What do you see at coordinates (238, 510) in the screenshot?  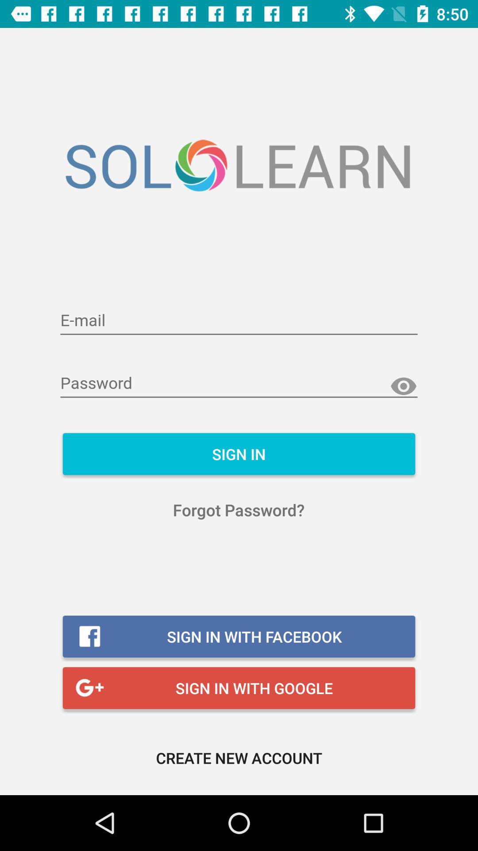 I see `forgot password?` at bounding box center [238, 510].